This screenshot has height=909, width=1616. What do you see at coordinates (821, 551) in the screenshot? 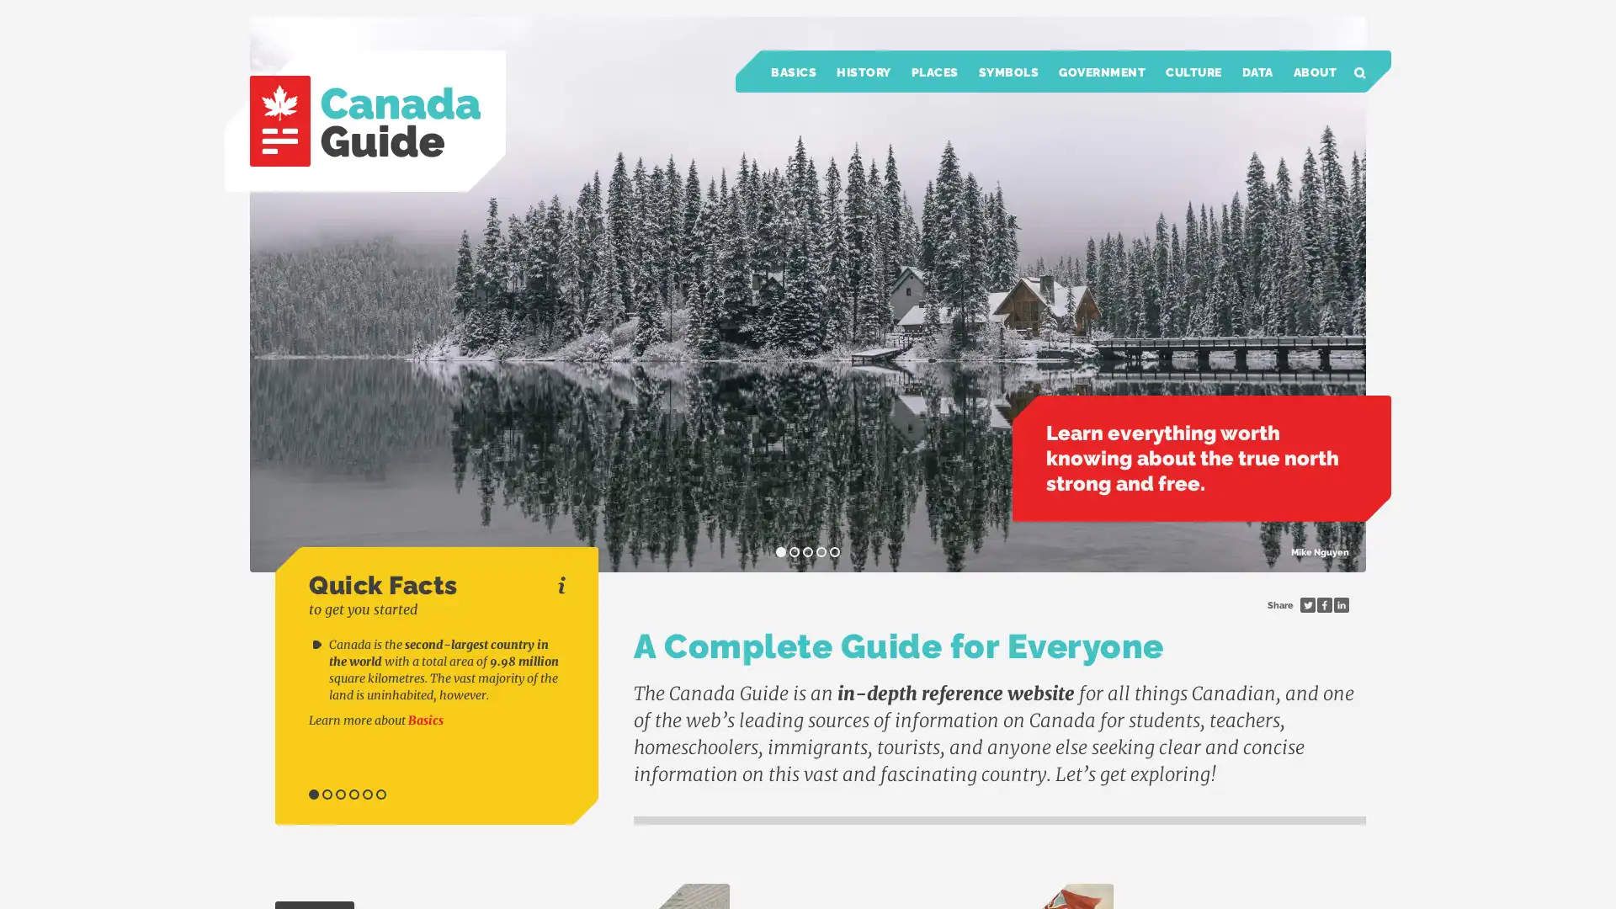
I see `Go to slide 4` at bounding box center [821, 551].